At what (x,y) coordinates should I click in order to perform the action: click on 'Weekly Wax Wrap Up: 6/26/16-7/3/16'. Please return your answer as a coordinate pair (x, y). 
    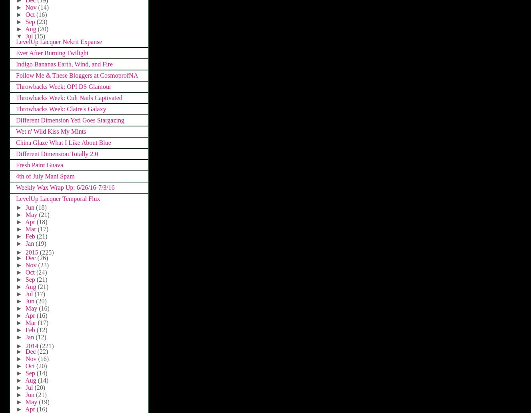
    Looking at the image, I should click on (64, 187).